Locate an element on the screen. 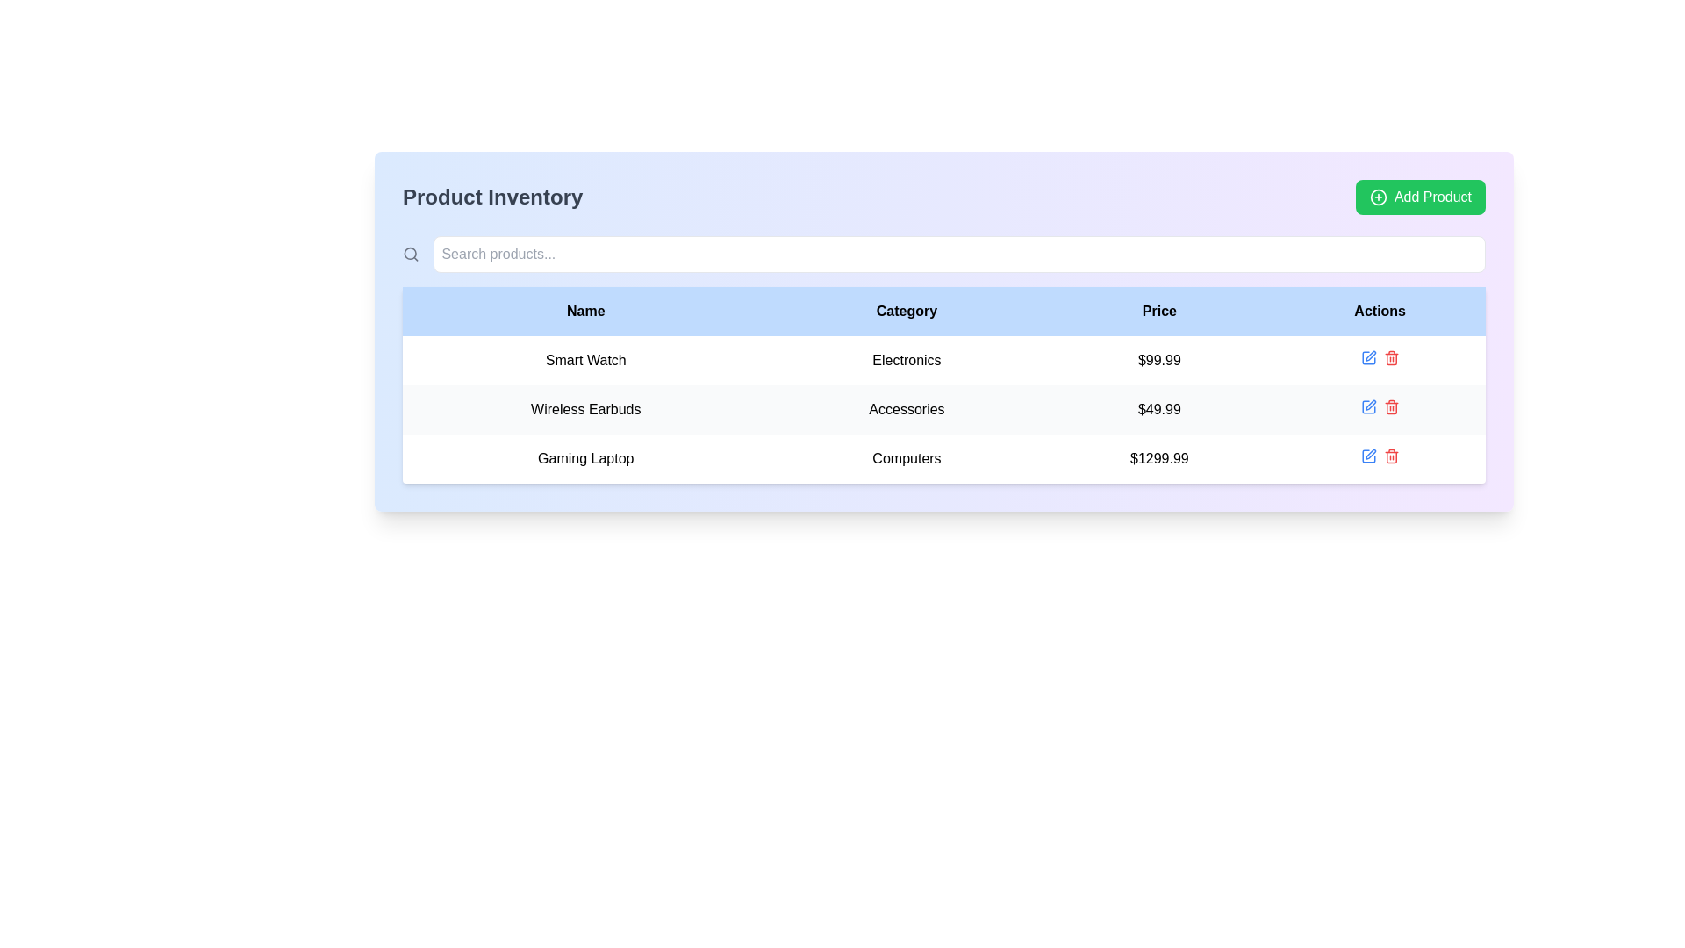 This screenshot has width=1685, height=948. text label titled 'Gaming Laptop' located in the 'Name' column of the third row in the product information table is located at coordinates (585, 458).